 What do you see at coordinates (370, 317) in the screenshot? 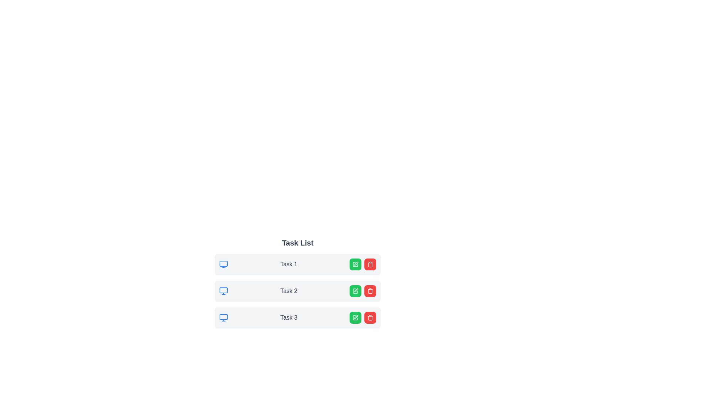
I see `the delete button located in the third row of the list layout, positioned as the last element in its respective row` at bounding box center [370, 317].